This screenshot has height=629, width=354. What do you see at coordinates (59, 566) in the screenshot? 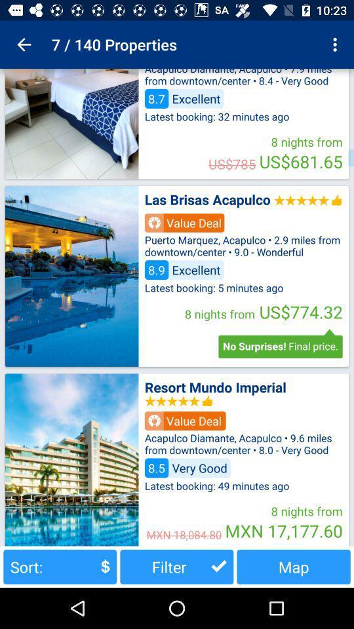
I see `sort:  button` at bounding box center [59, 566].